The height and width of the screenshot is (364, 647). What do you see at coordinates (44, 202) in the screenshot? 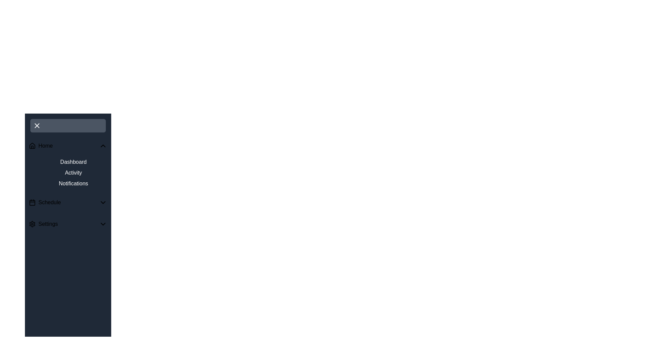
I see `the interactive label that combines a calendar icon and the text 'Schedule'` at bounding box center [44, 202].